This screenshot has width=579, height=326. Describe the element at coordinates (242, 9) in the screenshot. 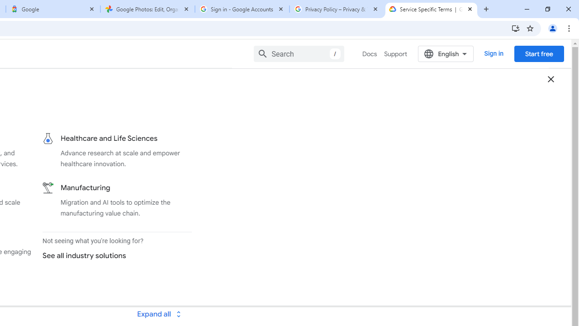

I see `'Sign in - Google Accounts'` at that location.